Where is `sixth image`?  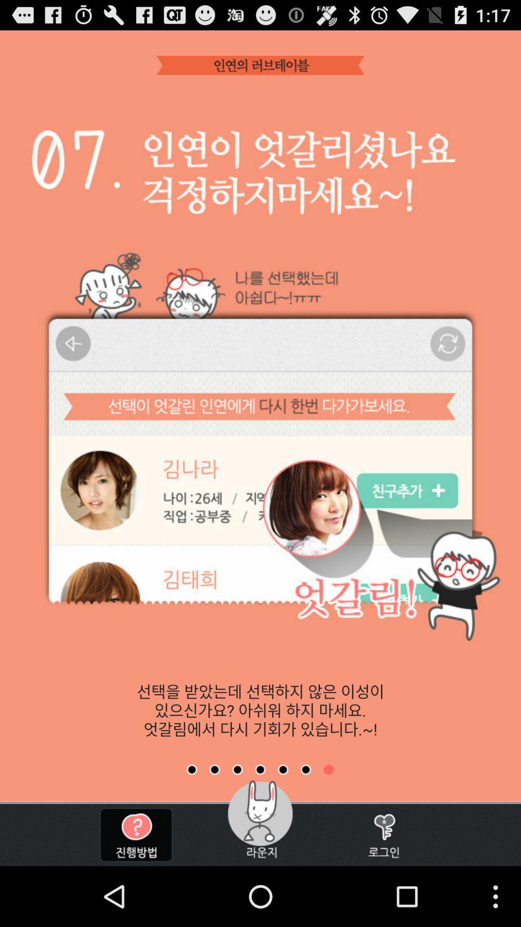 sixth image is located at coordinates (306, 769).